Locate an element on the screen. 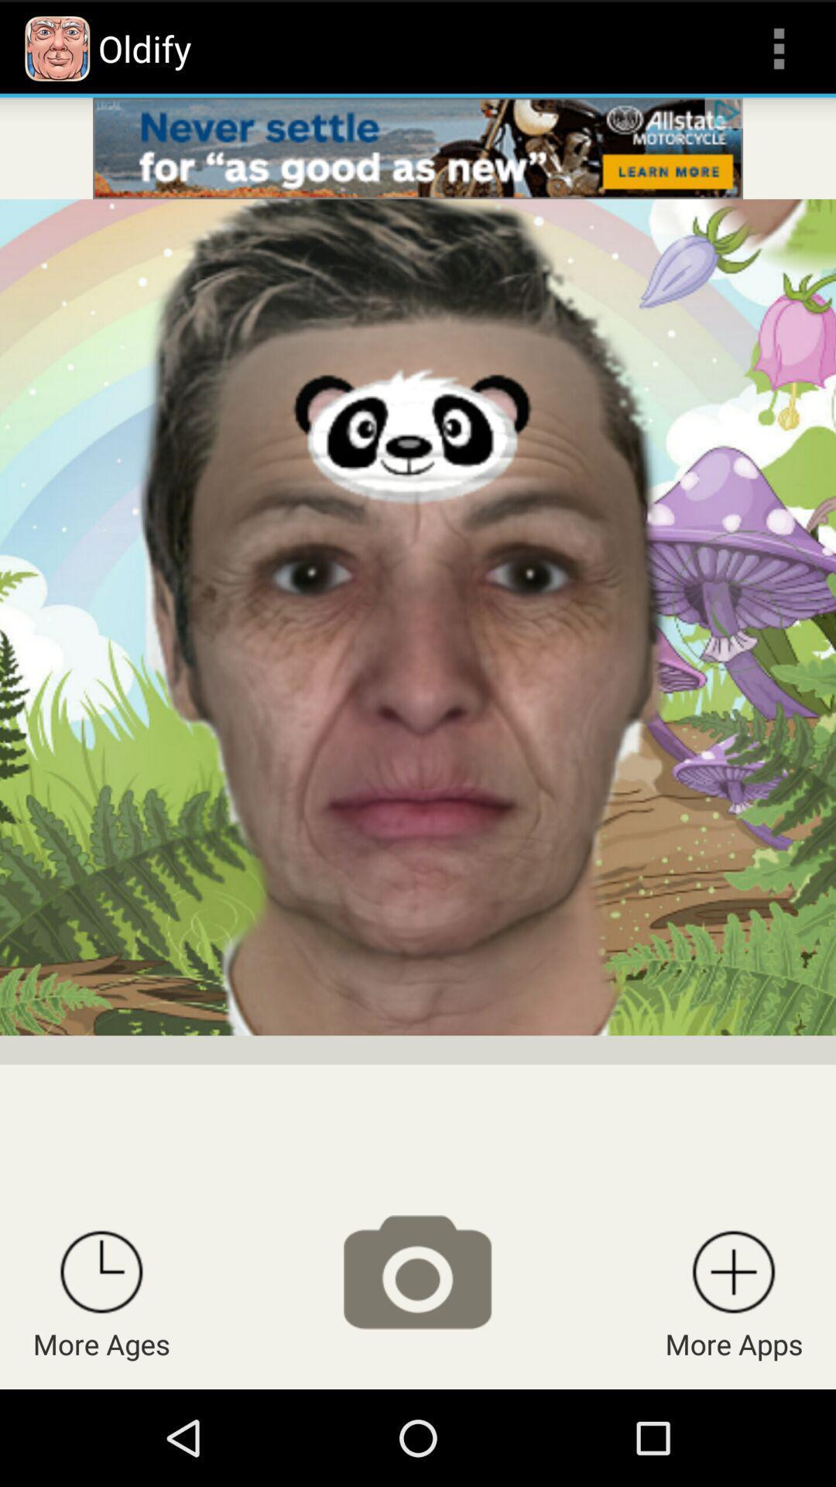  see apps is located at coordinates (733, 1272).